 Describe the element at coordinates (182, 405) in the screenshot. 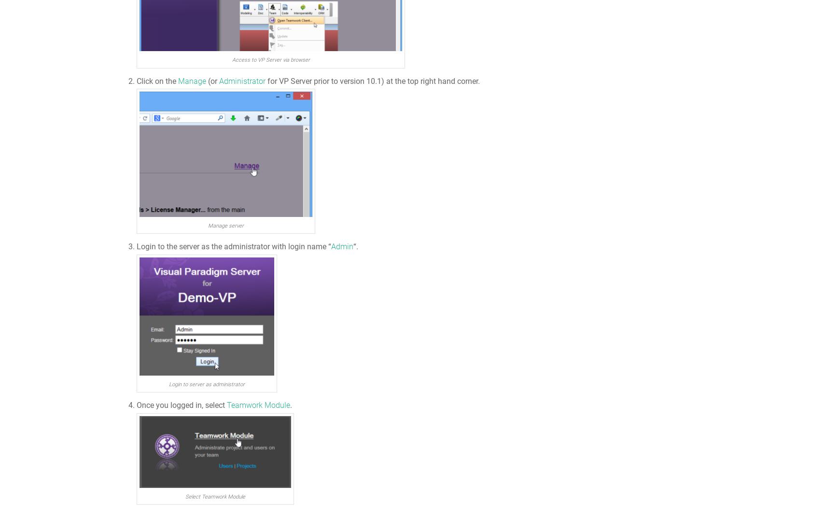

I see `'Once you logged in, select'` at that location.